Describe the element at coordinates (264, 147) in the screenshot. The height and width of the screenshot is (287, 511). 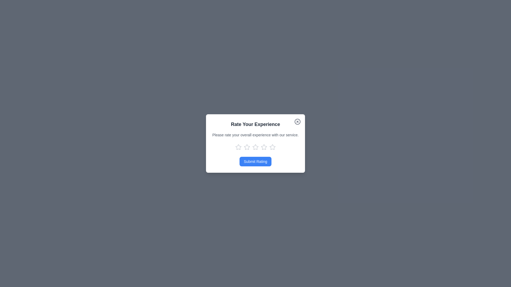
I see `the star corresponding to the rating 4 to provide a rating` at that location.